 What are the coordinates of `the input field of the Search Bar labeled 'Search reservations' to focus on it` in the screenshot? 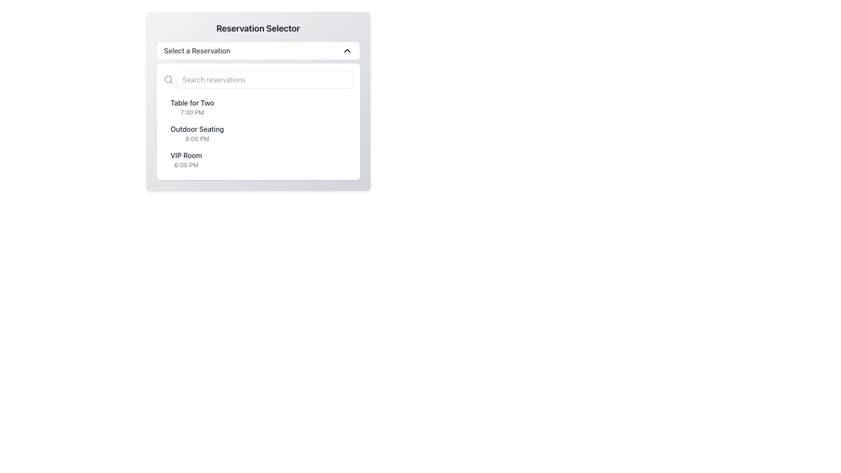 It's located at (258, 79).